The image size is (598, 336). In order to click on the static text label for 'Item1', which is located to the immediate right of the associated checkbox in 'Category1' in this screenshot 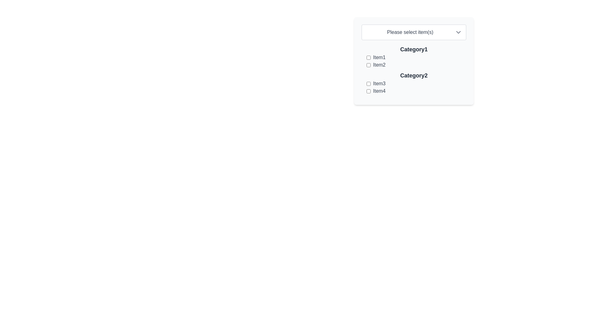, I will do `click(379, 58)`.